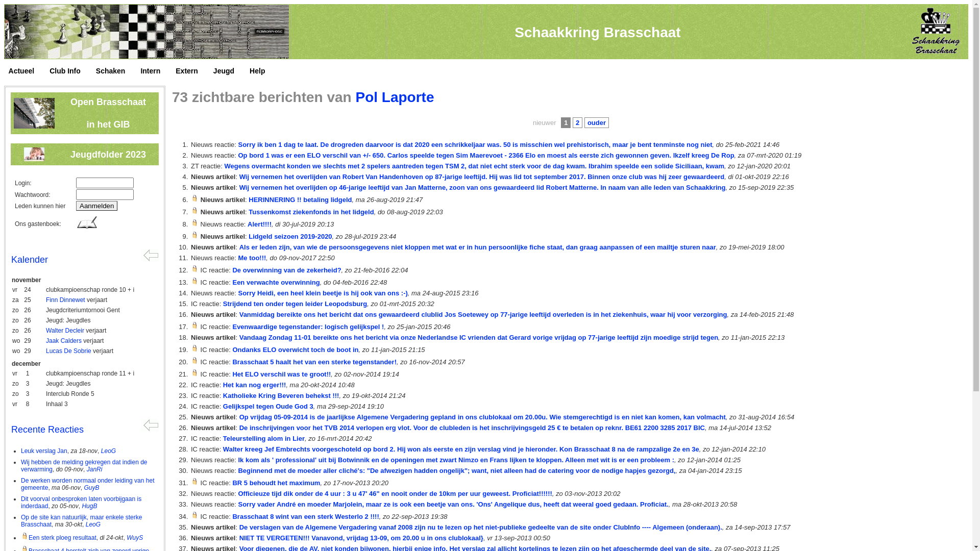 This screenshot has width=980, height=551. I want to click on 'Enkel zichtbaar voor clubleden', so click(194, 347).